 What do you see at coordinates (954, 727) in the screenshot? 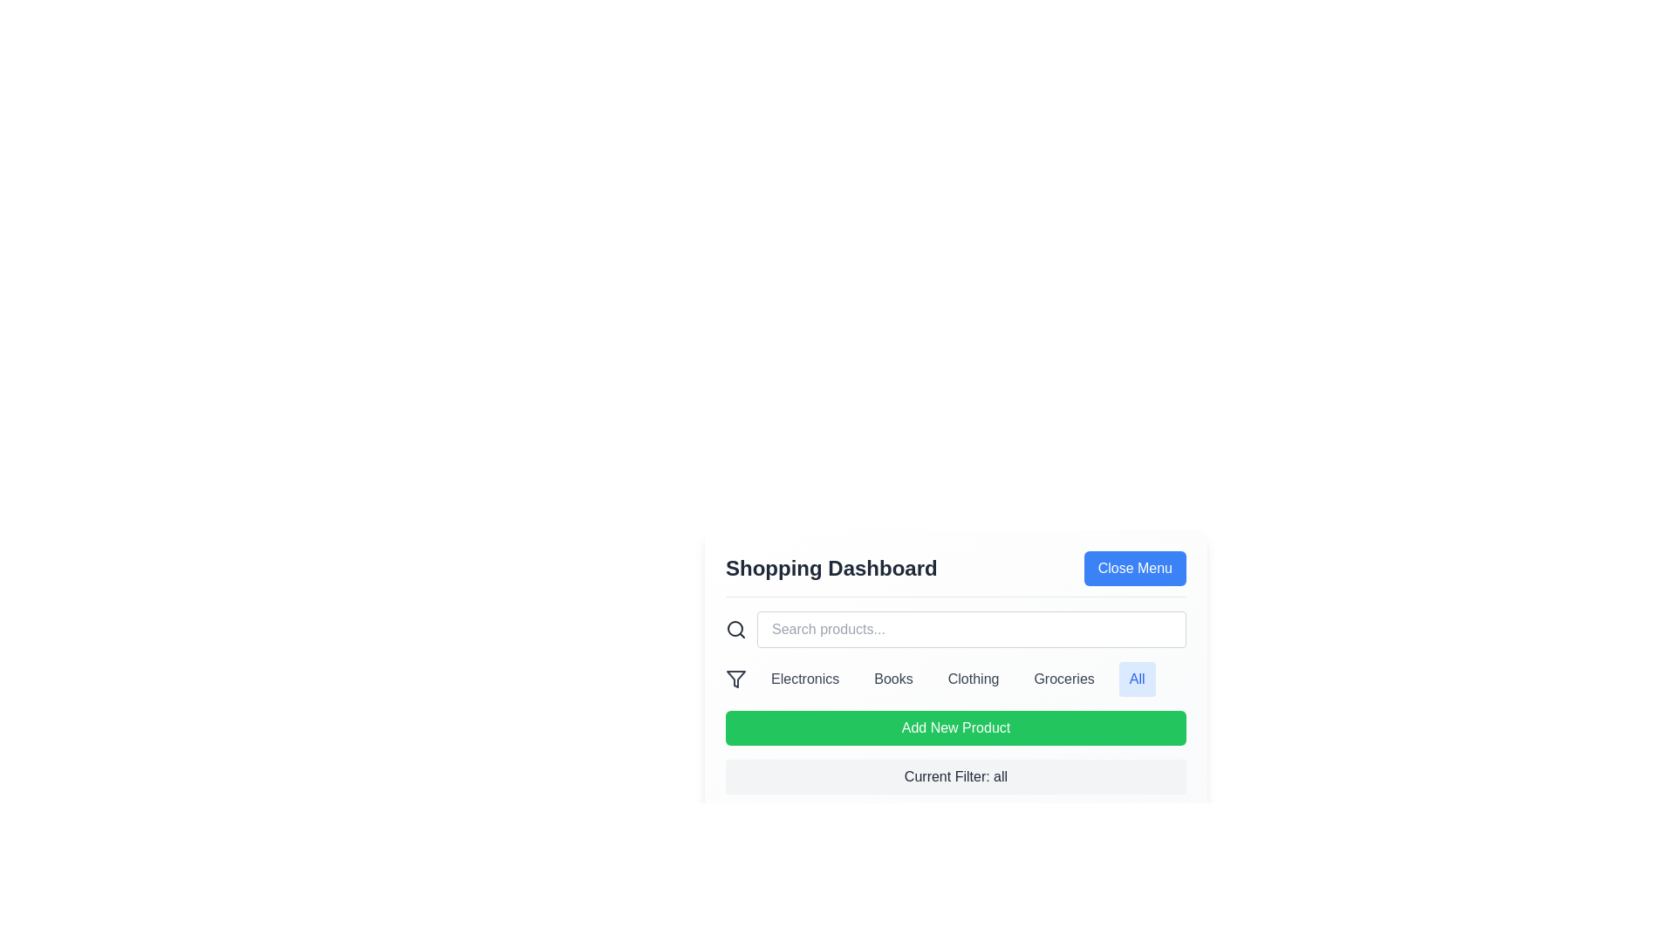
I see `the 'Add New Product' button located below the category buttons and above the 'Current Filter: all' label to initiate adding a new product` at bounding box center [954, 727].